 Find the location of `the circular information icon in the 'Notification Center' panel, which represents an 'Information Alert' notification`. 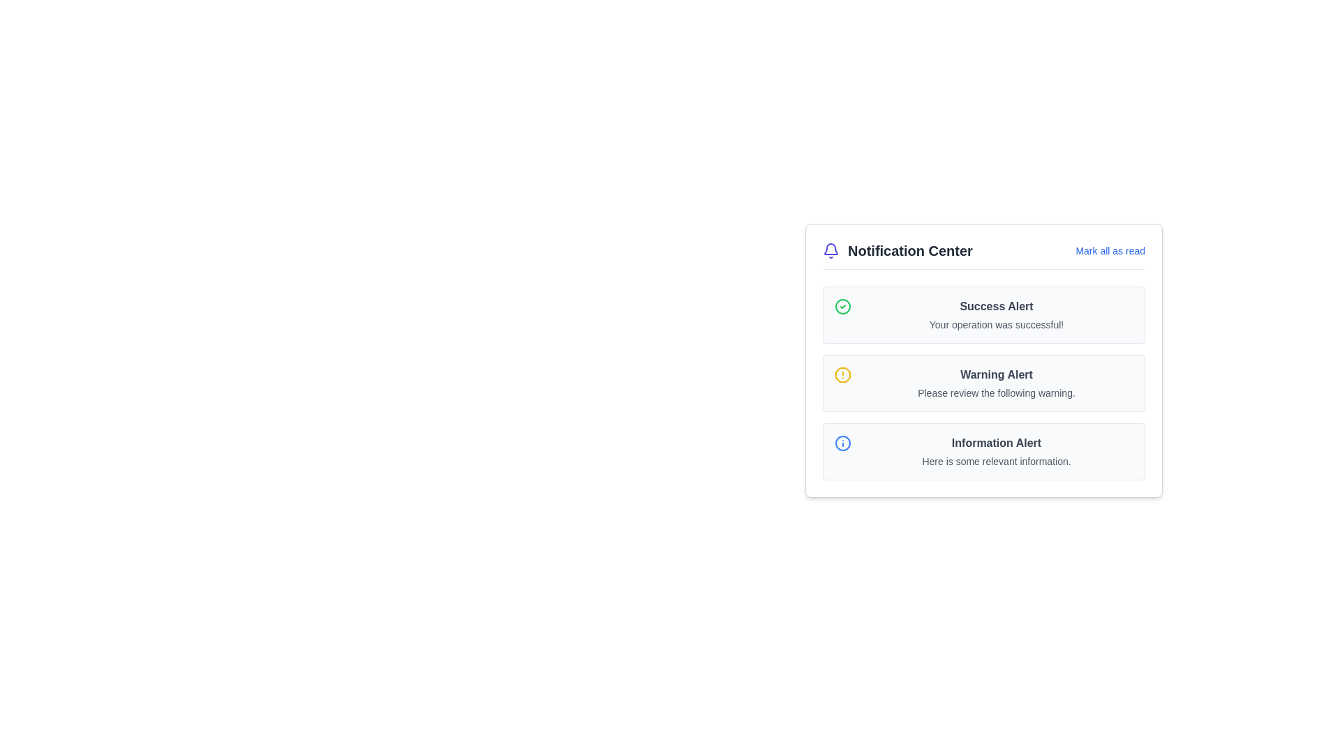

the circular information icon in the 'Notification Center' panel, which represents an 'Information Alert' notification is located at coordinates (842, 443).